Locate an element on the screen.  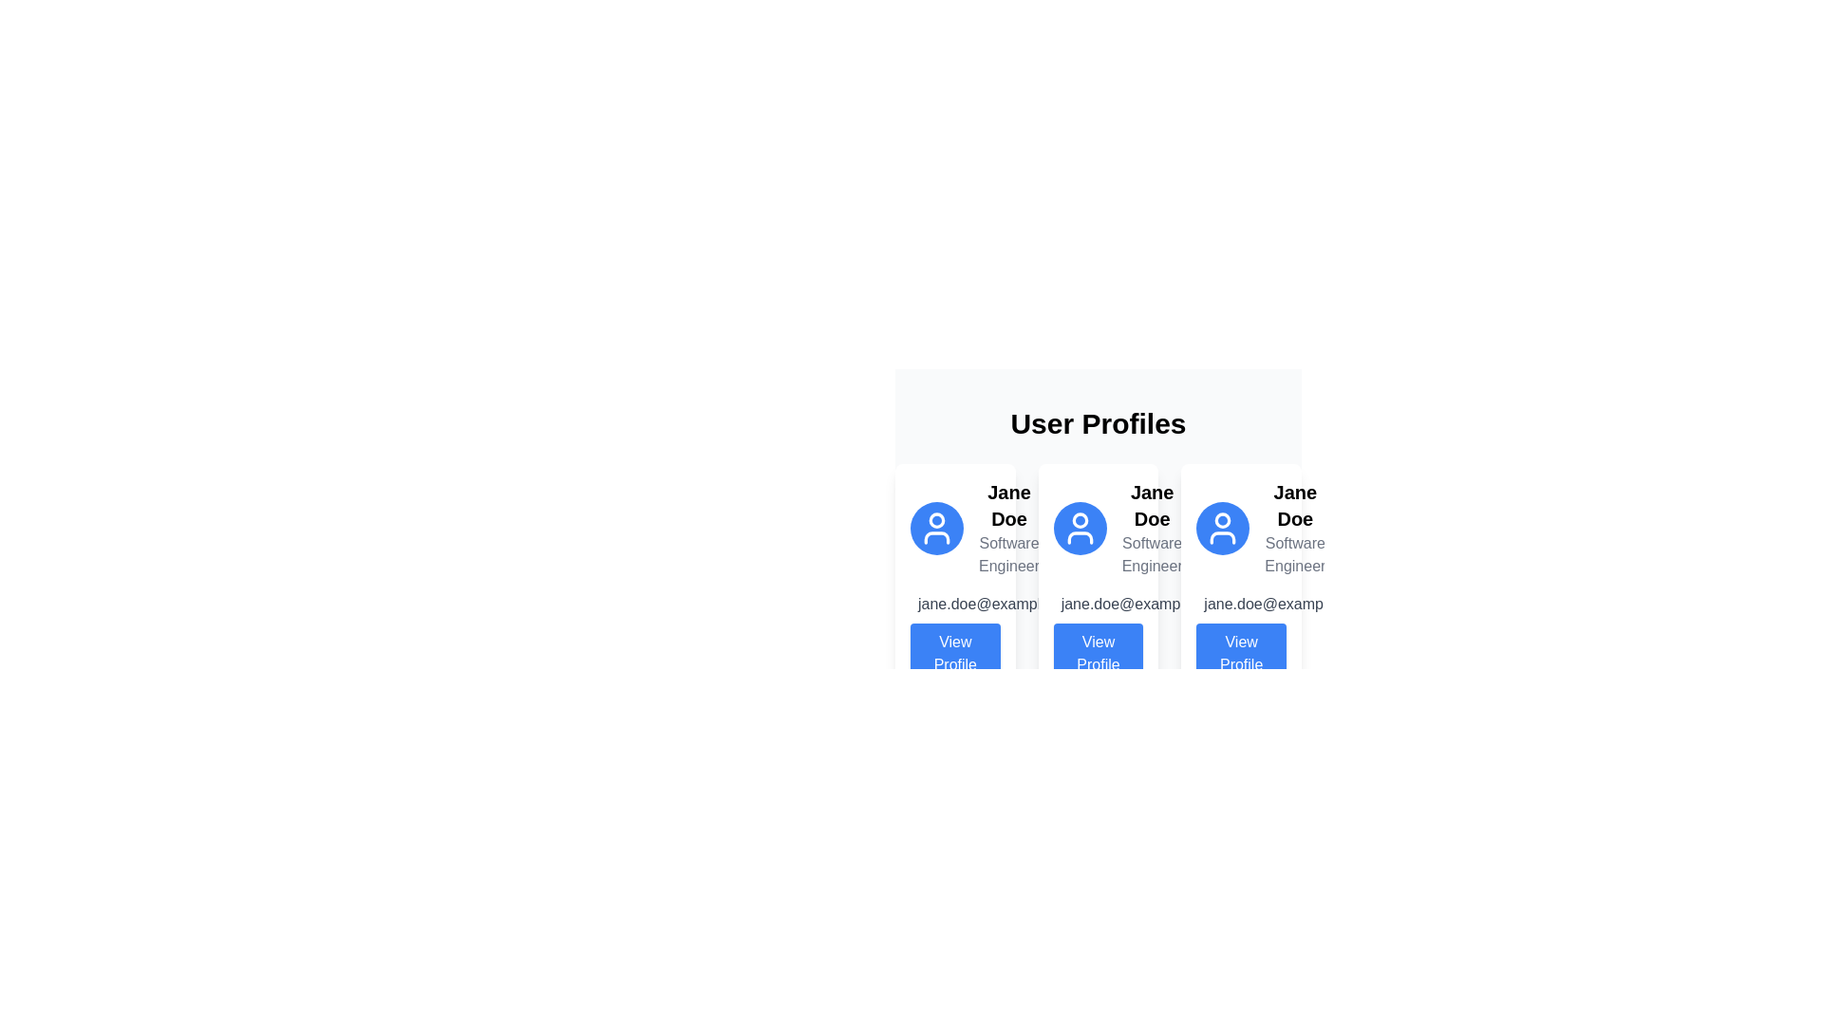
the section header text element that provides context to the user profile cards, located at the top of the interface above the user profile grid is located at coordinates (1098, 423).